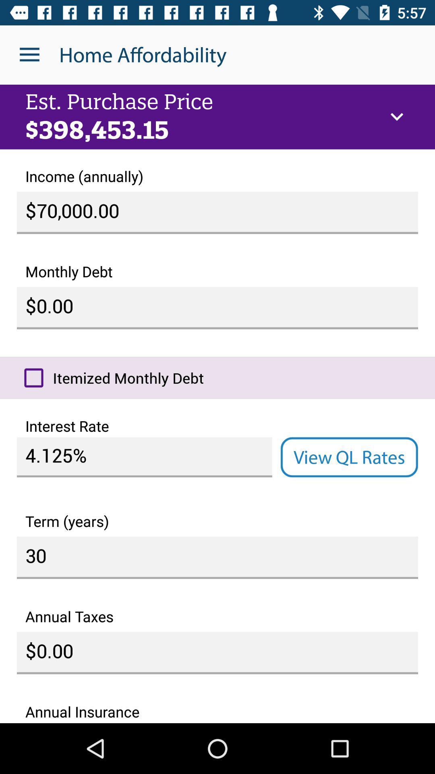  What do you see at coordinates (217, 557) in the screenshot?
I see `the 30 item` at bounding box center [217, 557].